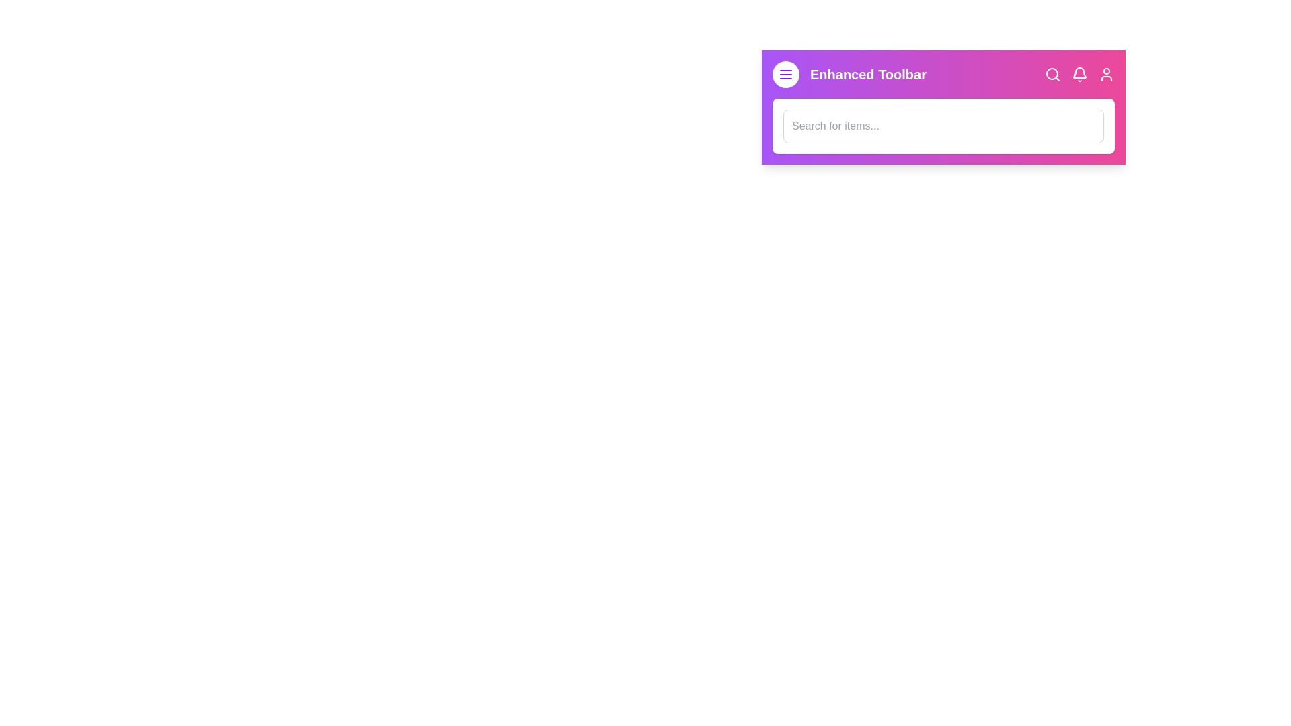 The height and width of the screenshot is (726, 1291). Describe the element at coordinates (786, 75) in the screenshot. I see `menu button to open the navigation options` at that location.